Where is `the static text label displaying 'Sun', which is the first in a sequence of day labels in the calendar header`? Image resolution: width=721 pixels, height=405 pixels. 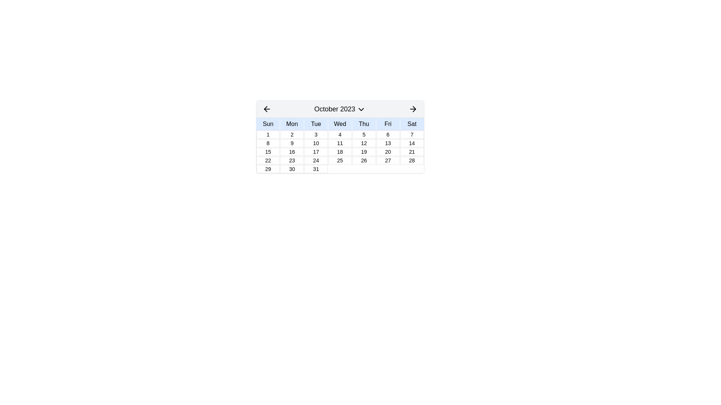 the static text label displaying 'Sun', which is the first in a sequence of day labels in the calendar header is located at coordinates (268, 124).